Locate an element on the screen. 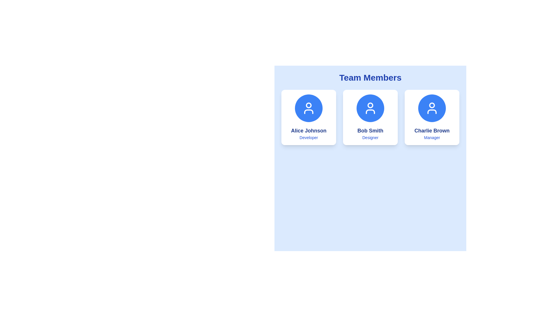  the text label displaying 'Alice Johnson', which is styled in bold dark blue font below the user profile icon in the leftmost card is located at coordinates (308, 131).